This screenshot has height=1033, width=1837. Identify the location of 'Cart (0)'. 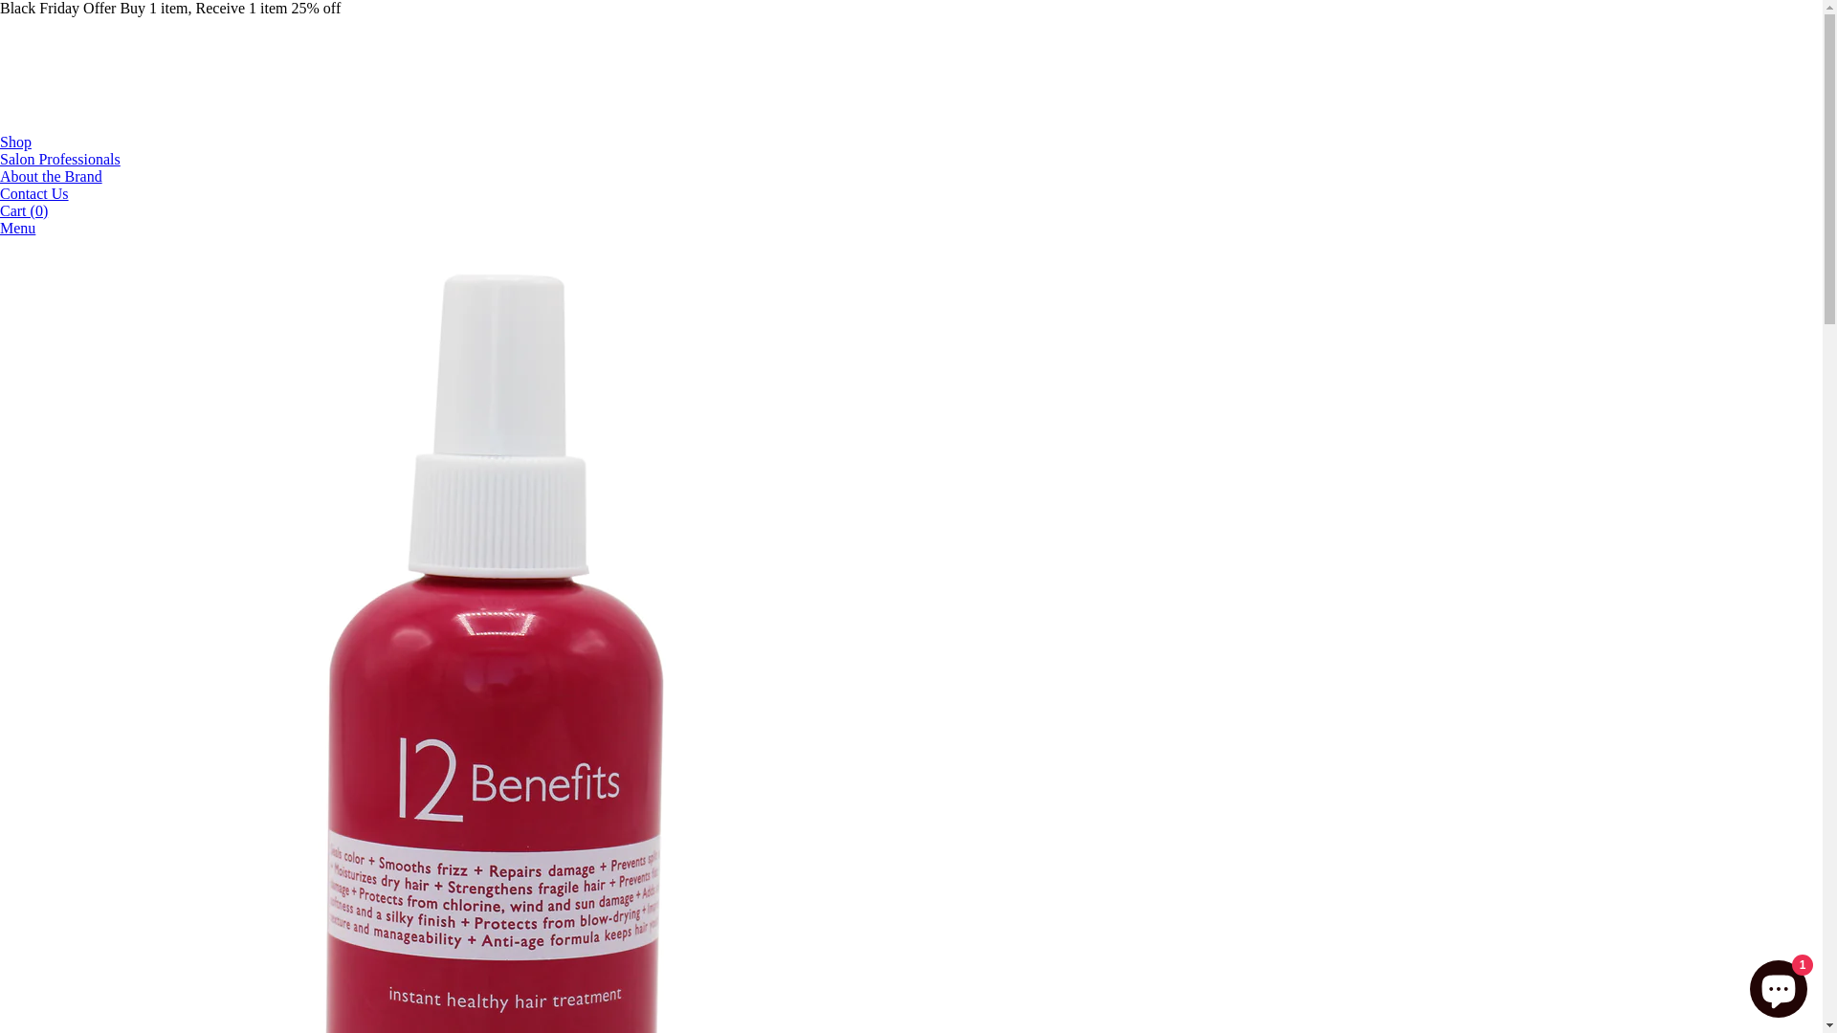
(0, 210).